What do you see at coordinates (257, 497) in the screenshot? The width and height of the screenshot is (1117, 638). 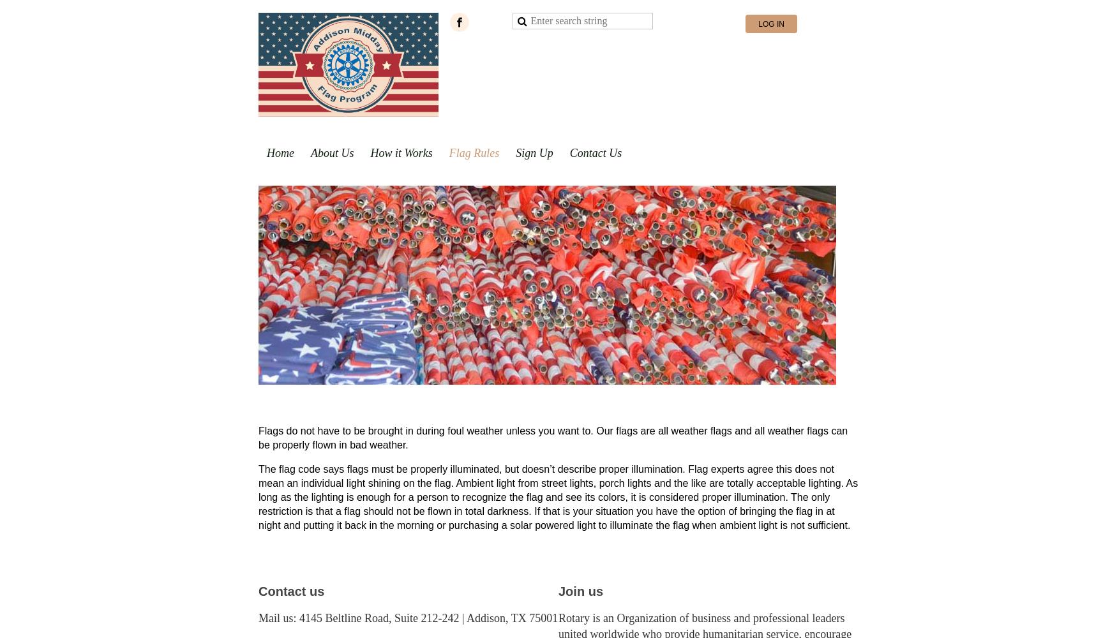 I see `'The flag code says flags must be properly illuminated, but doesn’t describe proper illumination. Flag experts agree this does not mean an individual light shining on the flag. Ambient light from street lights, porch lights and the like are totally acceptable lighting. As long as the lighting is enough for a person to recognize the flag and see its colors, it is considered proper illumination. The only restriction is that a flag should not be flown in total darkness. If that is your situation you have the option of bringing the flag in at night and putting it back in the morning or purchasing a solar powered light to illuminate the flag when ambient light is not sufficient.'` at bounding box center [257, 497].